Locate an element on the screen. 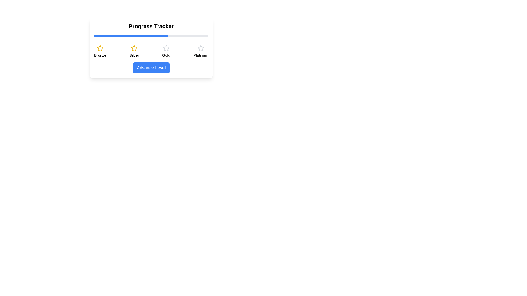 The width and height of the screenshot is (527, 296). the fourth star icon from the left, which is gray and located above the 'Platinum' label is located at coordinates (200, 48).